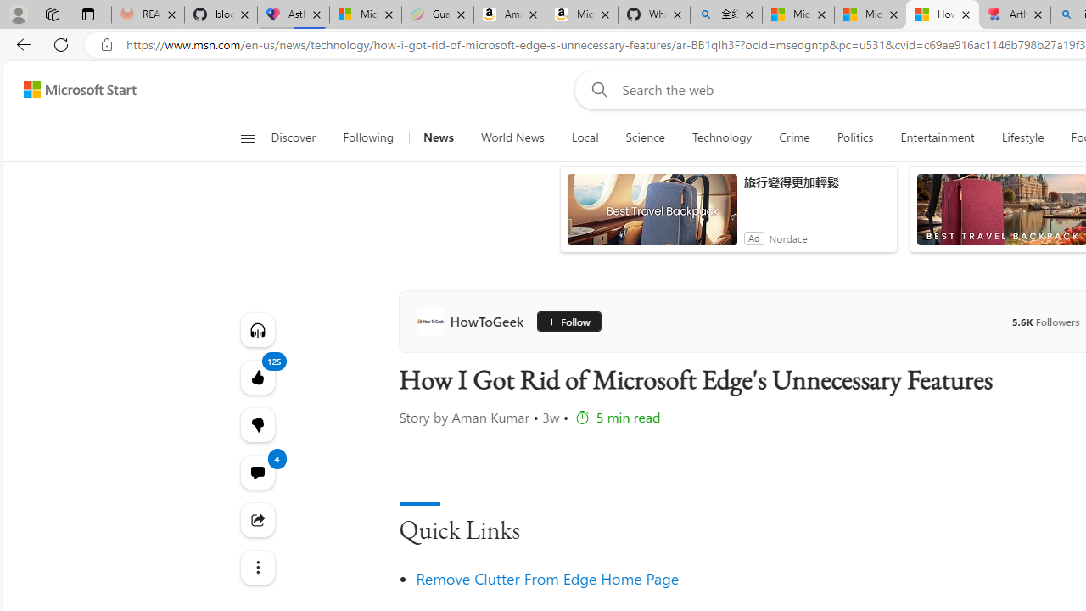  What do you see at coordinates (256, 472) in the screenshot?
I see `'View comments 4 Comment'` at bounding box center [256, 472].